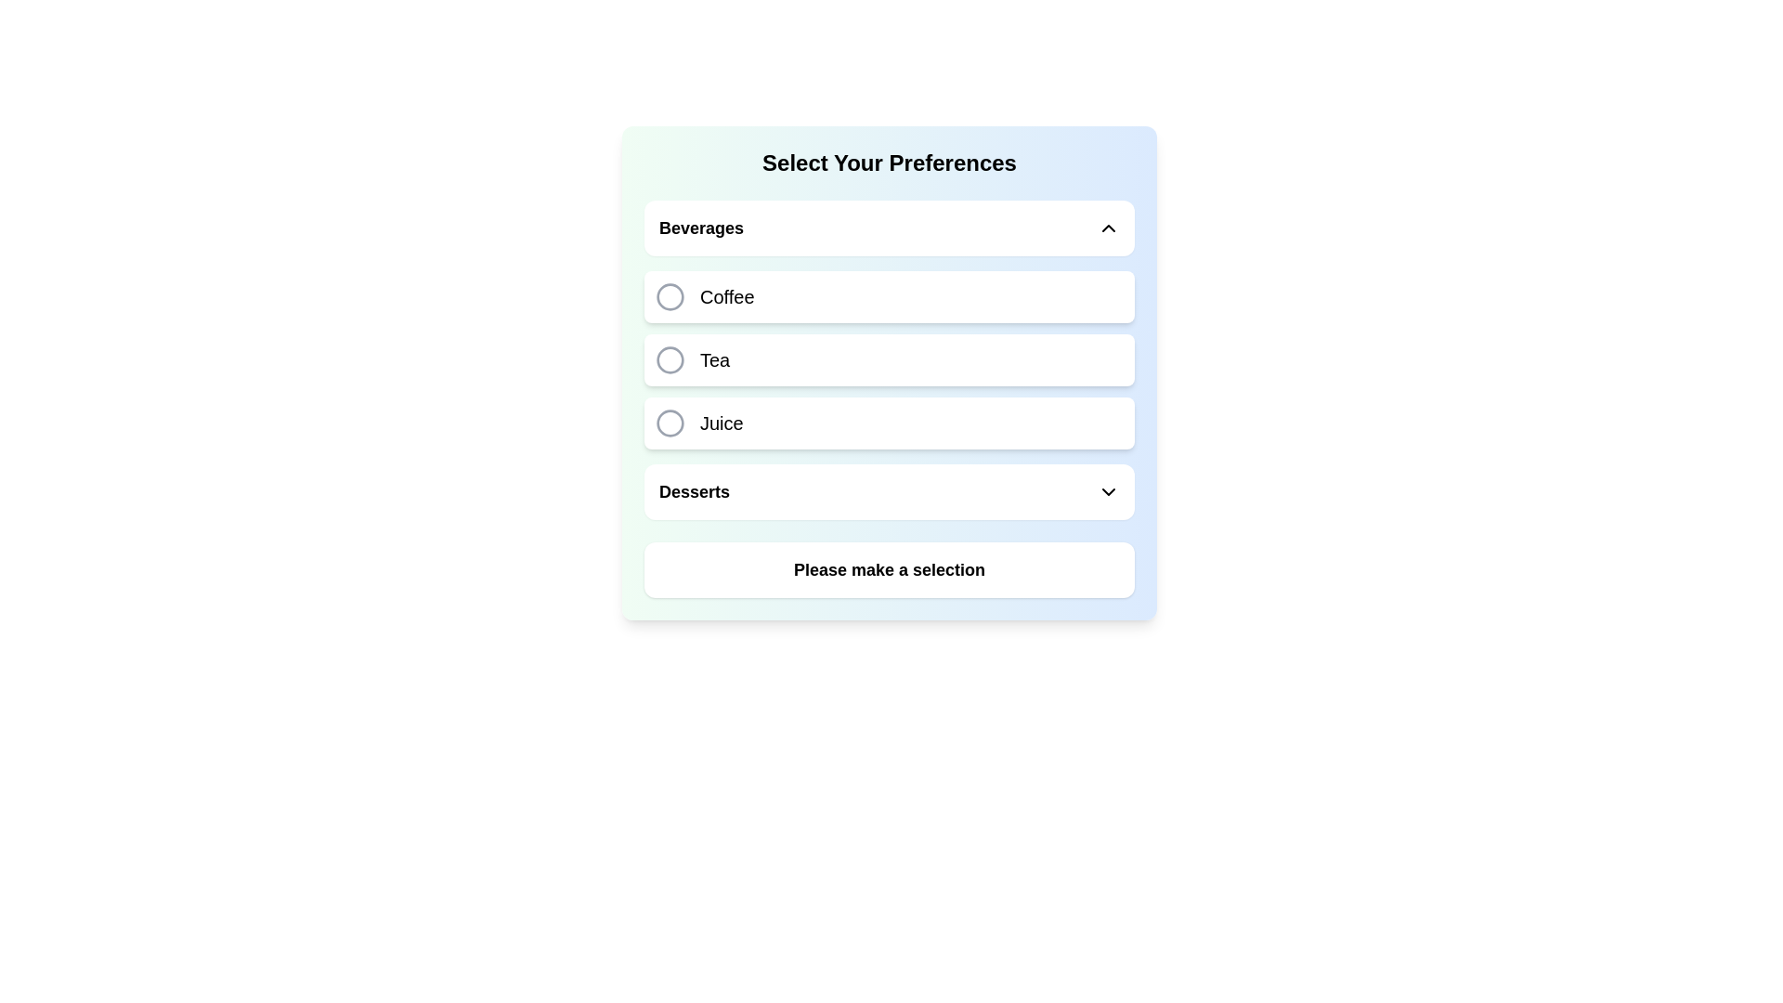 The image size is (1783, 1003). I want to click on the 'Desserts' dropdown menu option, so click(889, 490).